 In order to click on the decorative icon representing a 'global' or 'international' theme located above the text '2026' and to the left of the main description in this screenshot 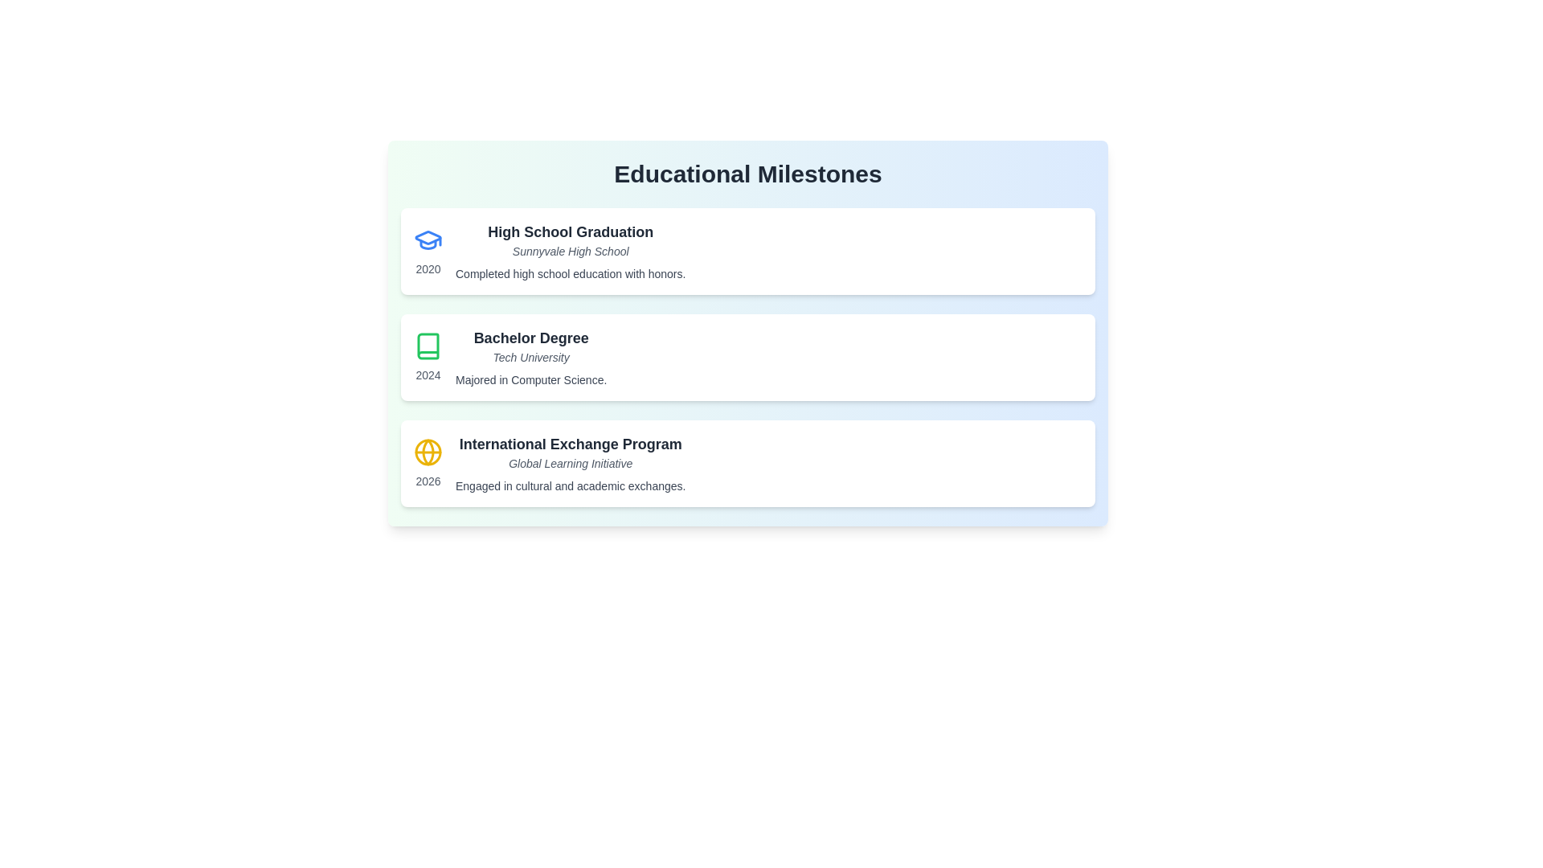, I will do `click(428, 452)`.